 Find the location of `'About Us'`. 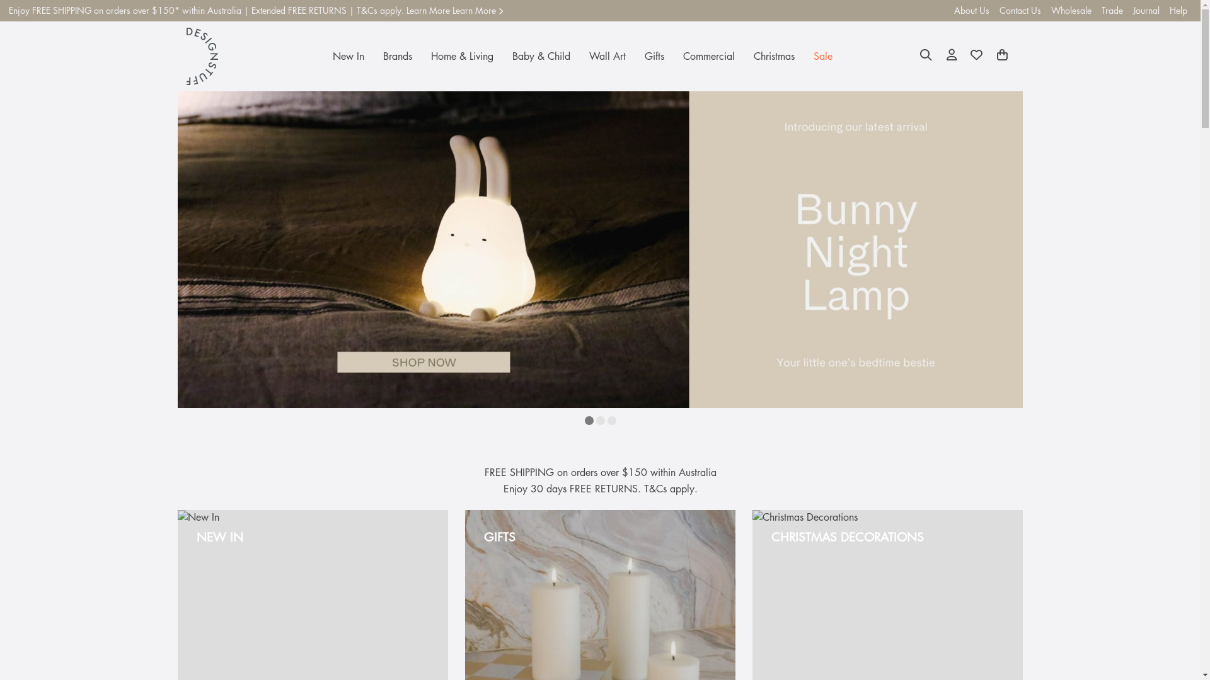

'About Us' is located at coordinates (971, 10).